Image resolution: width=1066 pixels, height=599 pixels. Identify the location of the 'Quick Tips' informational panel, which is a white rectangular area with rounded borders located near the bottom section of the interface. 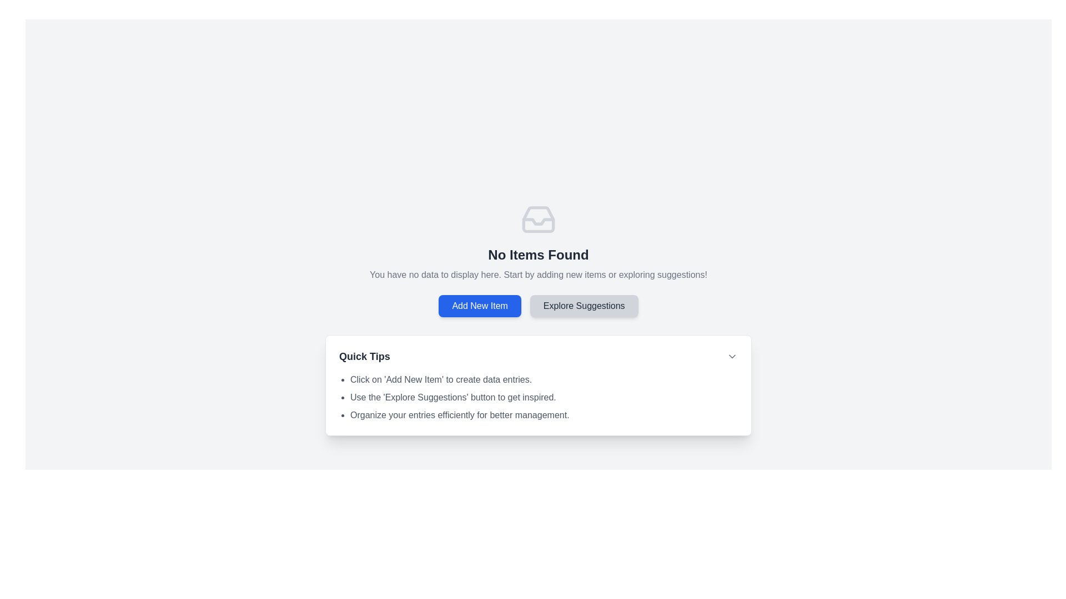
(538, 384).